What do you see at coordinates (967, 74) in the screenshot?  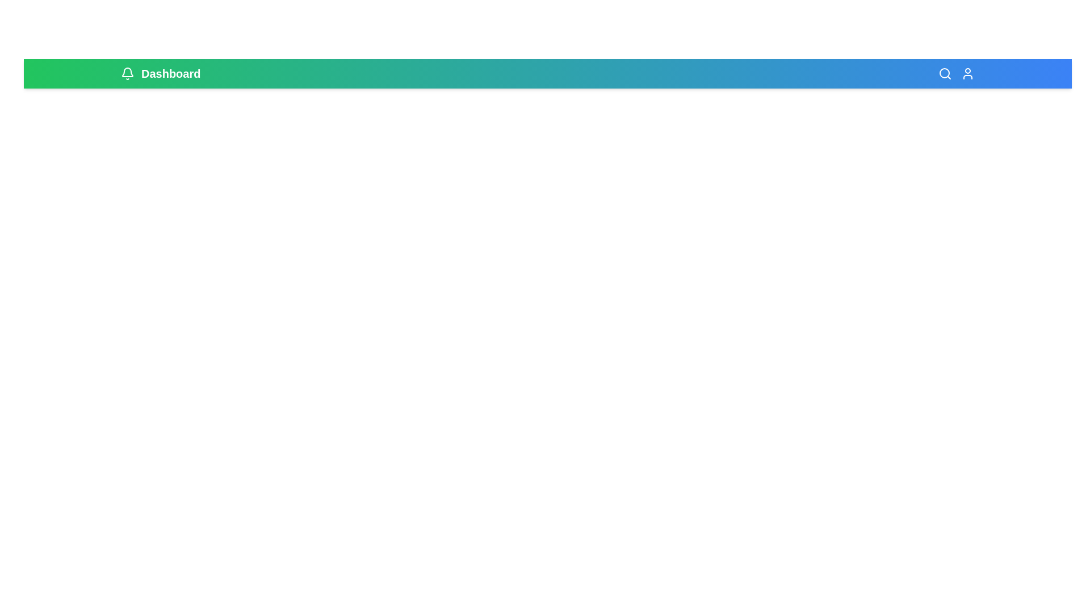 I see `the user icon to access user-related actions` at bounding box center [967, 74].